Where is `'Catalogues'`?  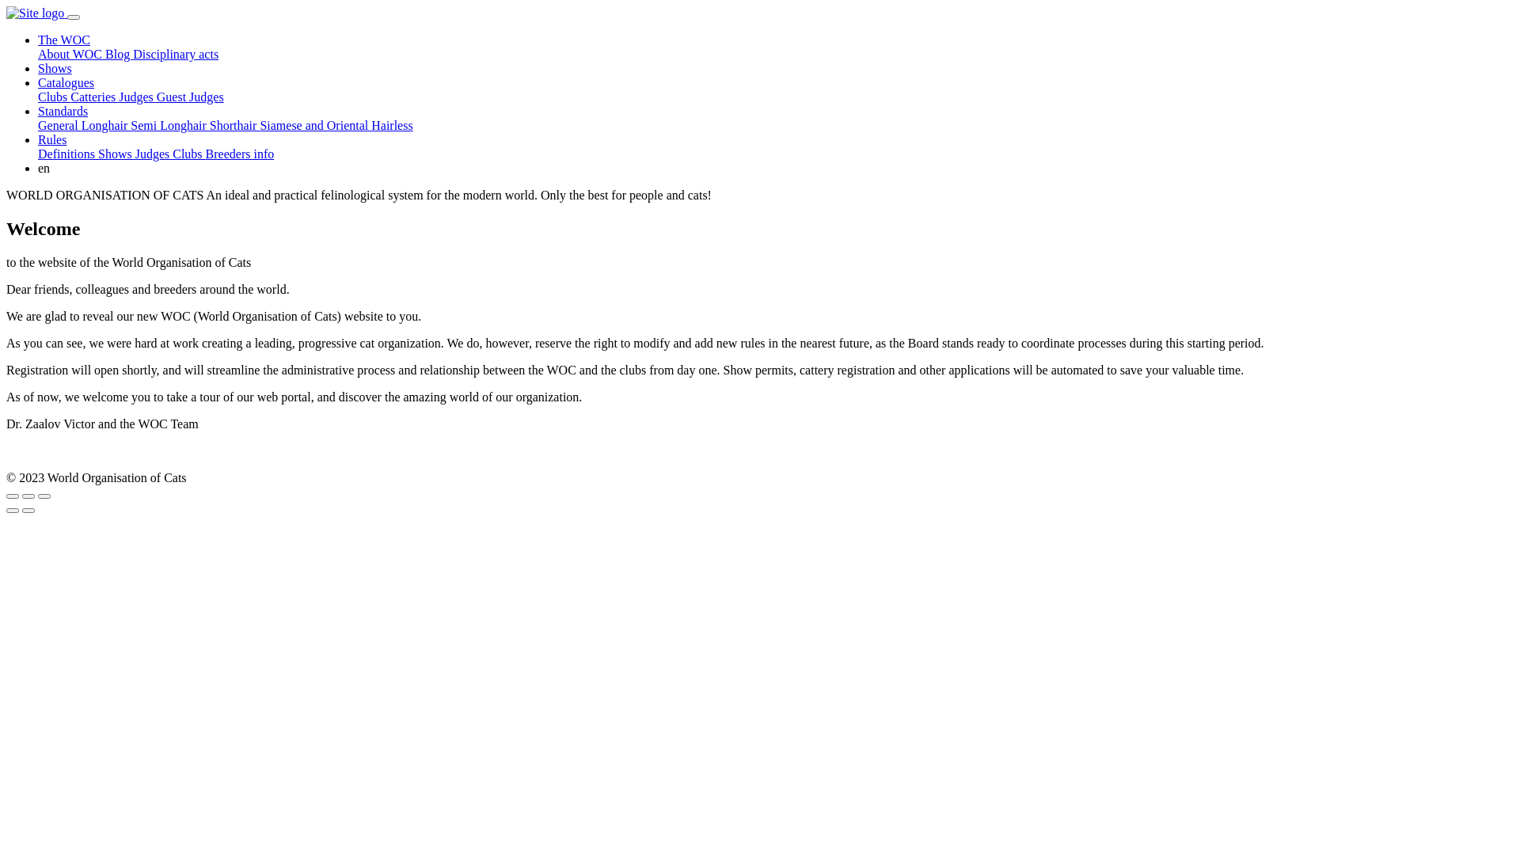
'Catalogues' is located at coordinates (38, 82).